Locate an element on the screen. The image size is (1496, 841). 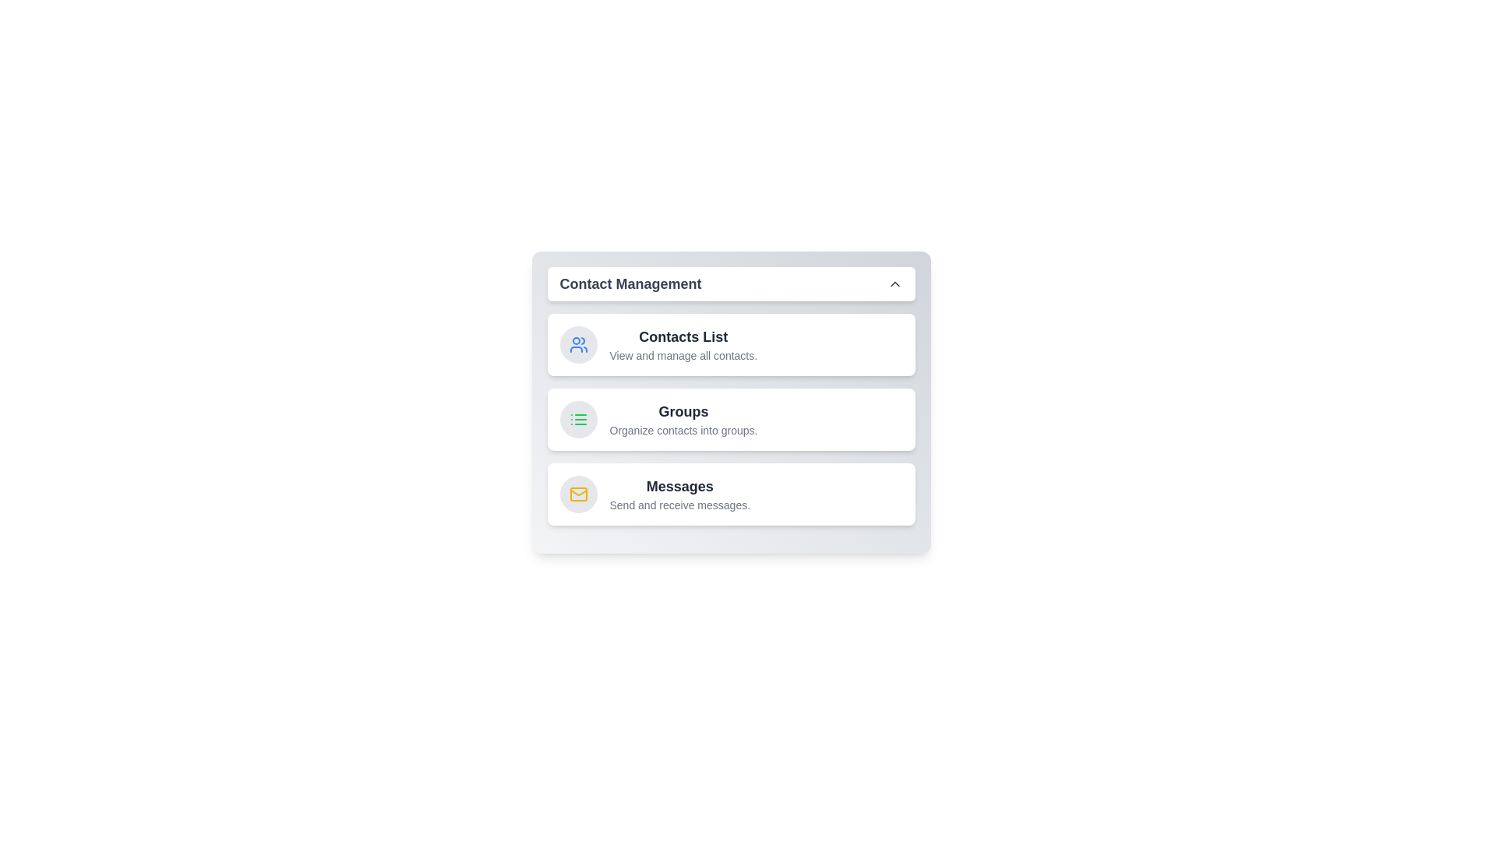
the menu item Contacts List to view its hover effect is located at coordinates (730, 344).